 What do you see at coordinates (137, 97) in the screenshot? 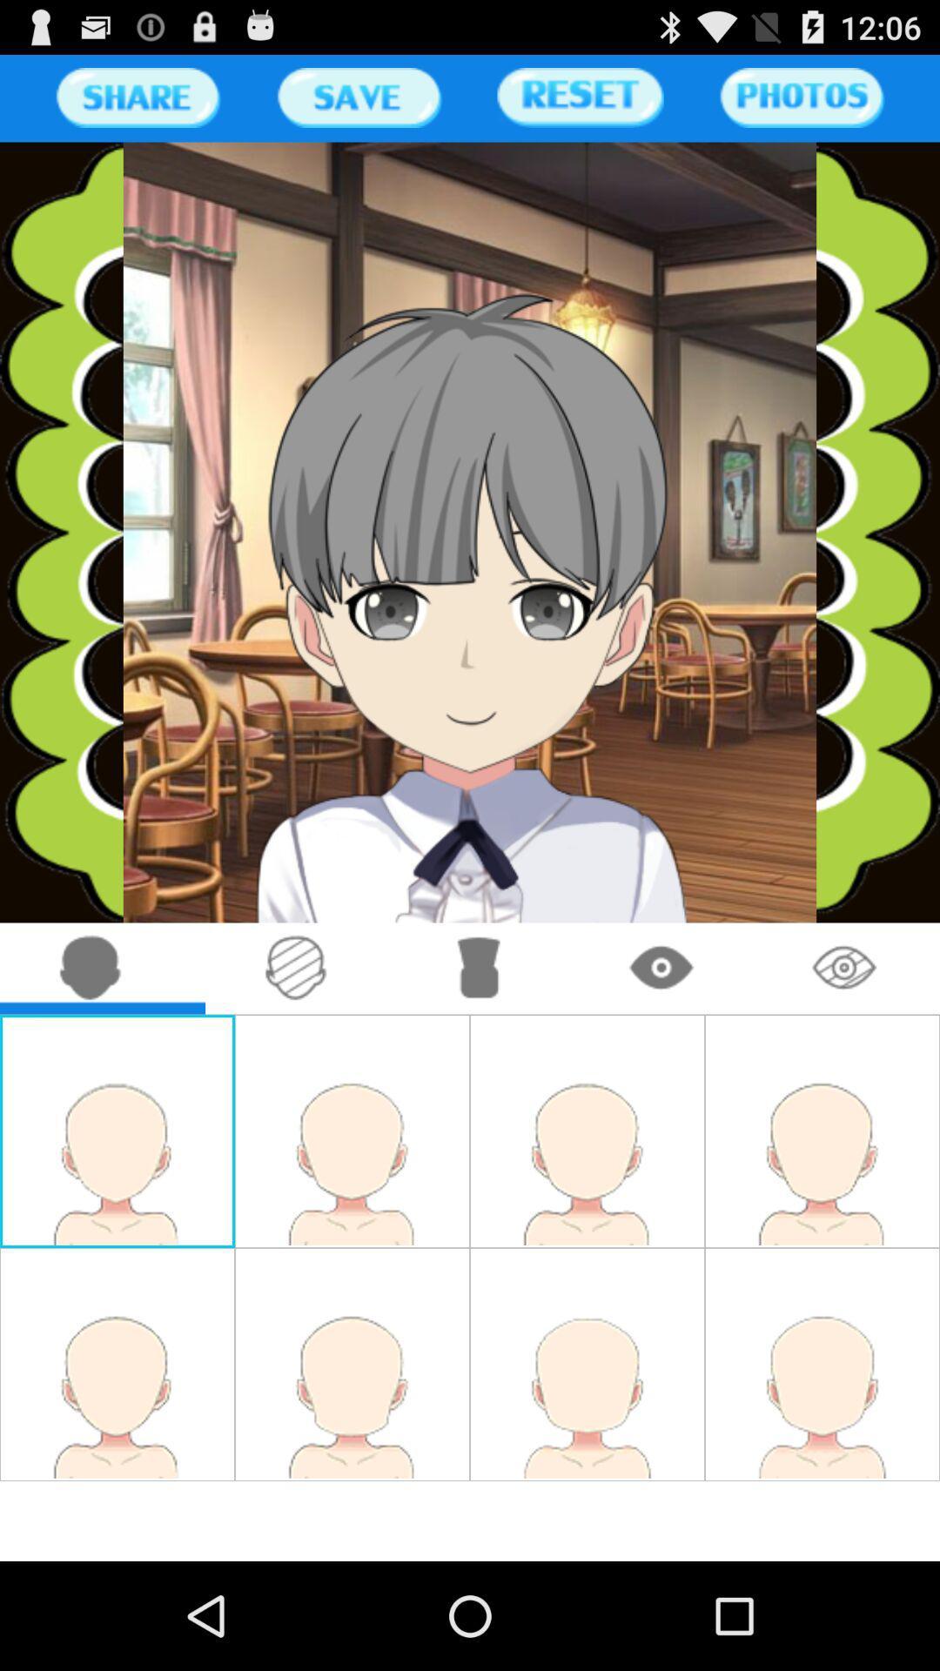
I see `share the page` at bounding box center [137, 97].